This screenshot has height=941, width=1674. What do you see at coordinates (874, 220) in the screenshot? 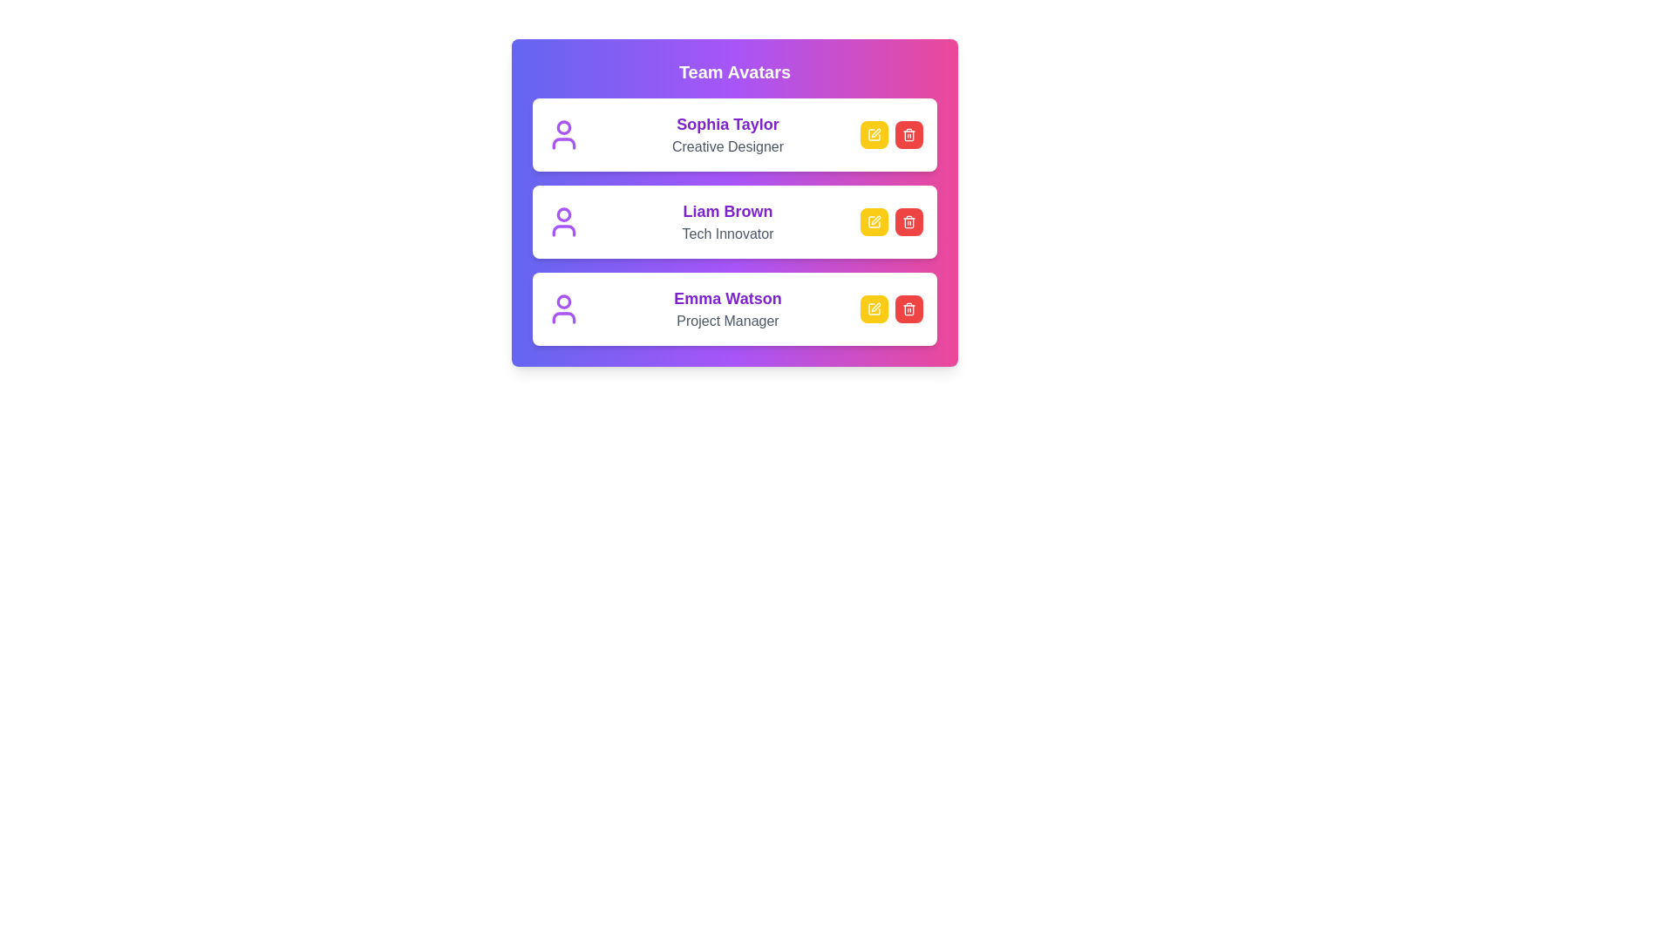
I see `the editing button located to the right of 'Liam Brown, Tech Innovator' in the second row of the list` at bounding box center [874, 220].